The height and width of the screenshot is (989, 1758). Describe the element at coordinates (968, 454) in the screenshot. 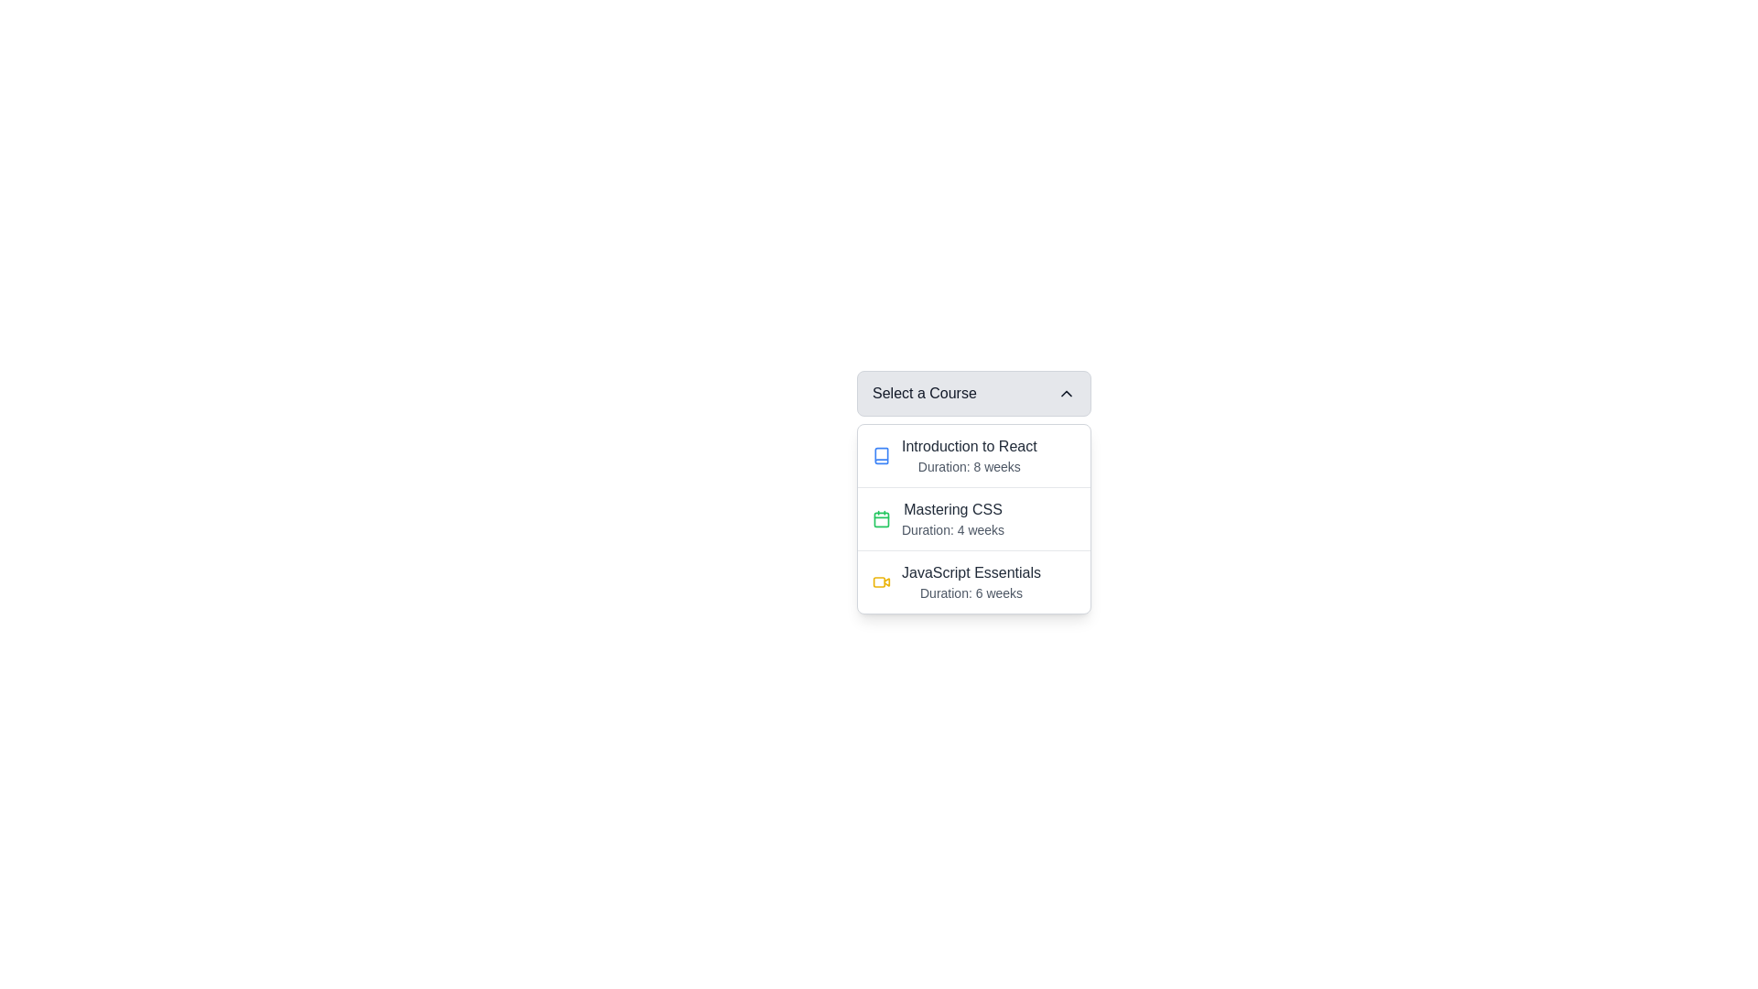

I see `the text component displaying the course title 'Introduction to React'` at that location.